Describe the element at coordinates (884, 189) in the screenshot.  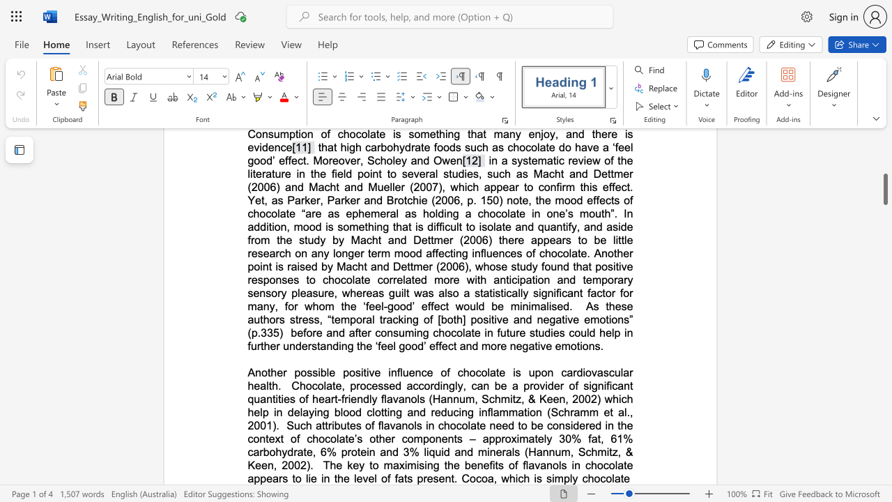
I see `the scrollbar and move down 3220 pixels` at that location.